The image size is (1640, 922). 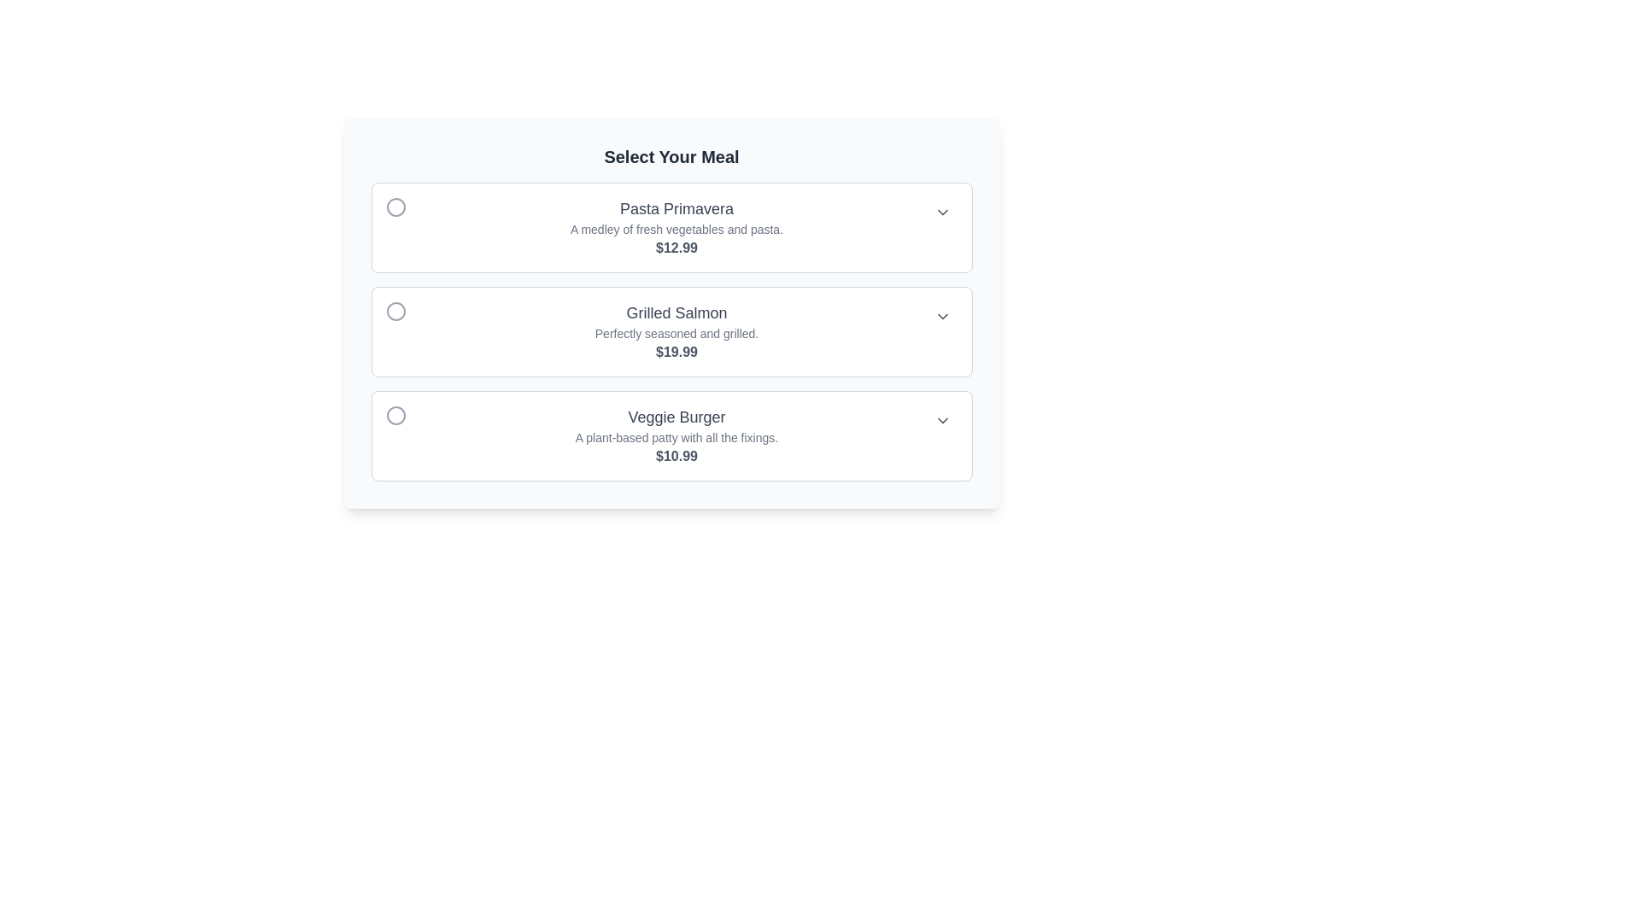 I want to click on the meal options within the 'Select Your Meal' card-like UI component, so click(x=671, y=312).